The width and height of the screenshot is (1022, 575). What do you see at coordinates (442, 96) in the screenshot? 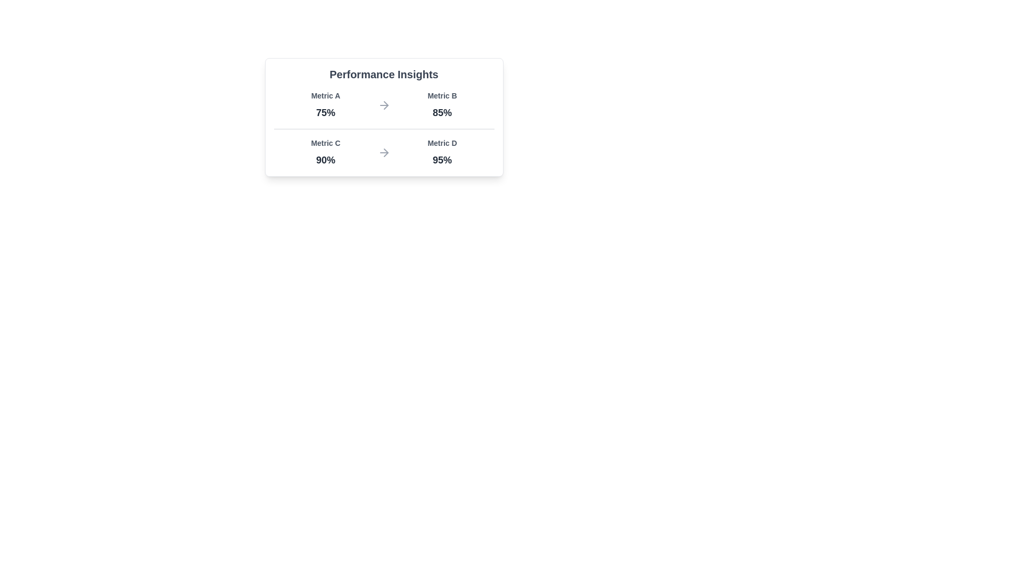
I see `the text label that indicates the name of the performance metric, located above the numerical value of '85%' in the card widget` at bounding box center [442, 96].